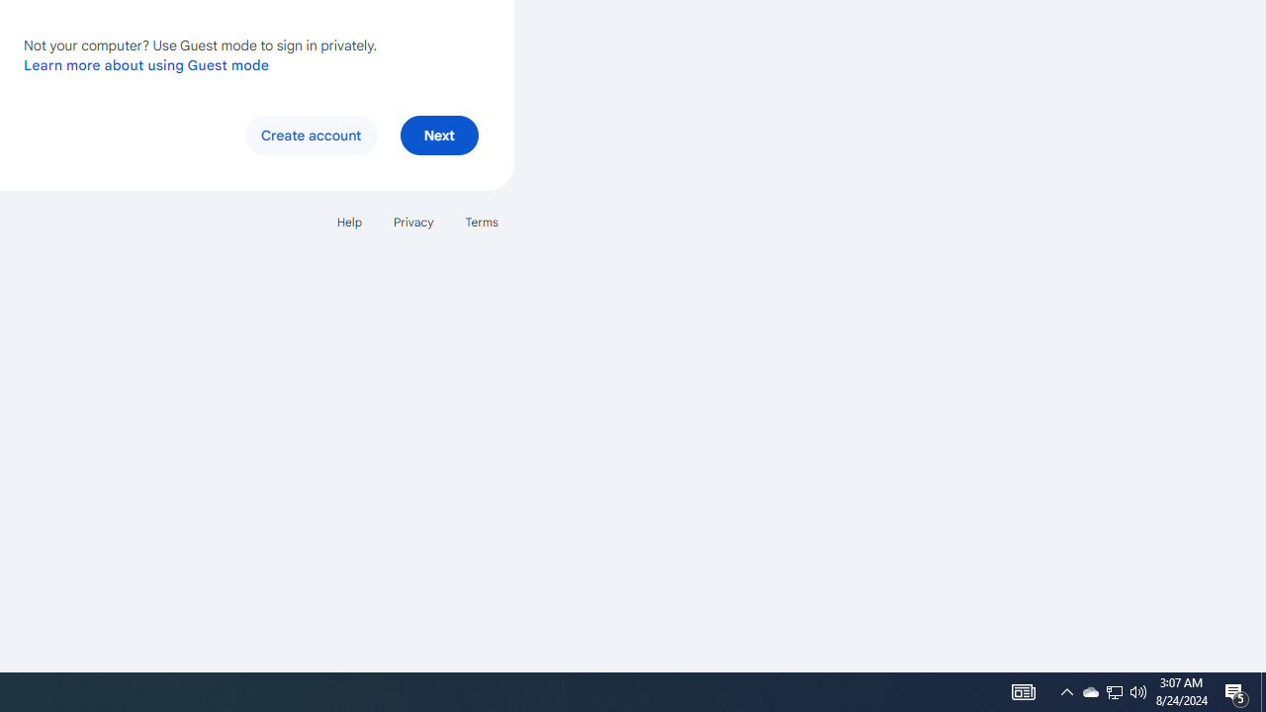 The image size is (1266, 712). I want to click on 'Create account', so click(310, 133).